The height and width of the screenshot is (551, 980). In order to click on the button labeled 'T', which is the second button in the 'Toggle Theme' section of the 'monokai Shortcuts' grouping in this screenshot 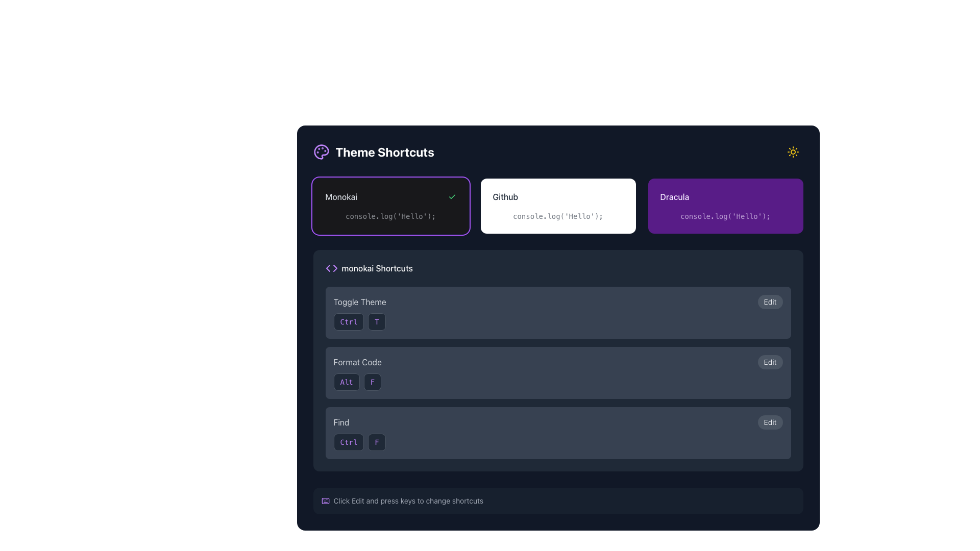, I will do `click(376, 322)`.